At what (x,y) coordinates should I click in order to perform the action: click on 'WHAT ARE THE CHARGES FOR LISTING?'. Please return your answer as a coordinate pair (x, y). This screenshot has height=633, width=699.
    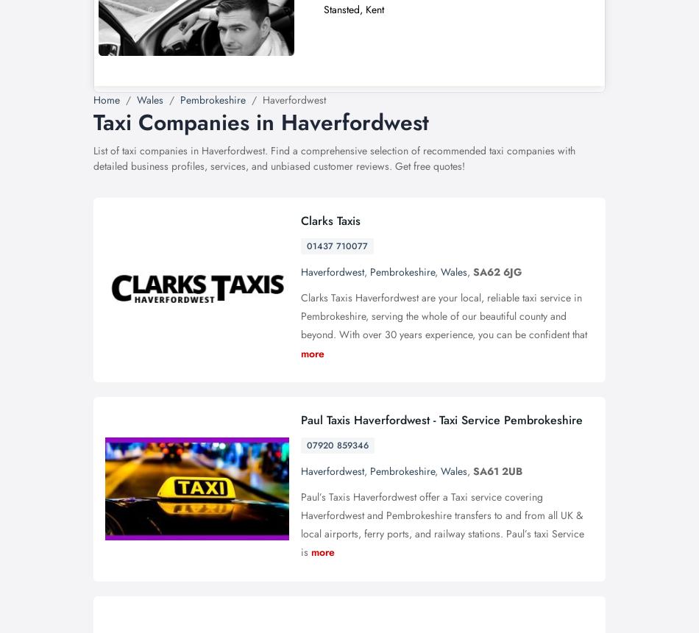
    Looking at the image, I should click on (217, 353).